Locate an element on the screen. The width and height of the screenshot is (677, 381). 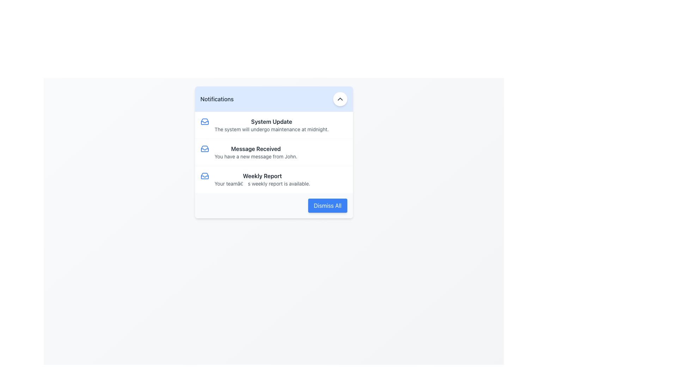
the toggle button is located at coordinates (340, 99).